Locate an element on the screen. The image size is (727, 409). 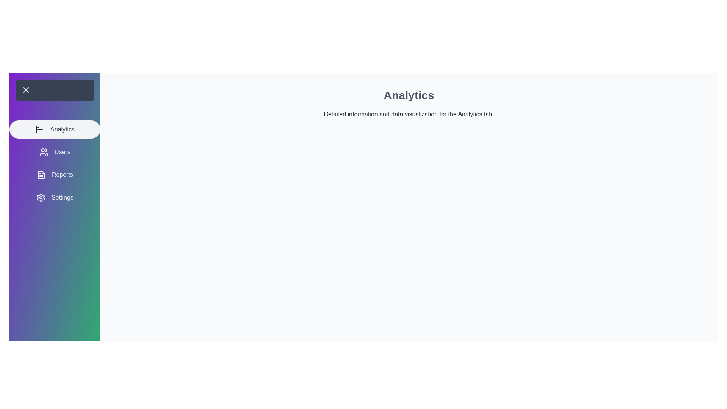
the menu option Settings by clicking on it is located at coordinates (54, 197).